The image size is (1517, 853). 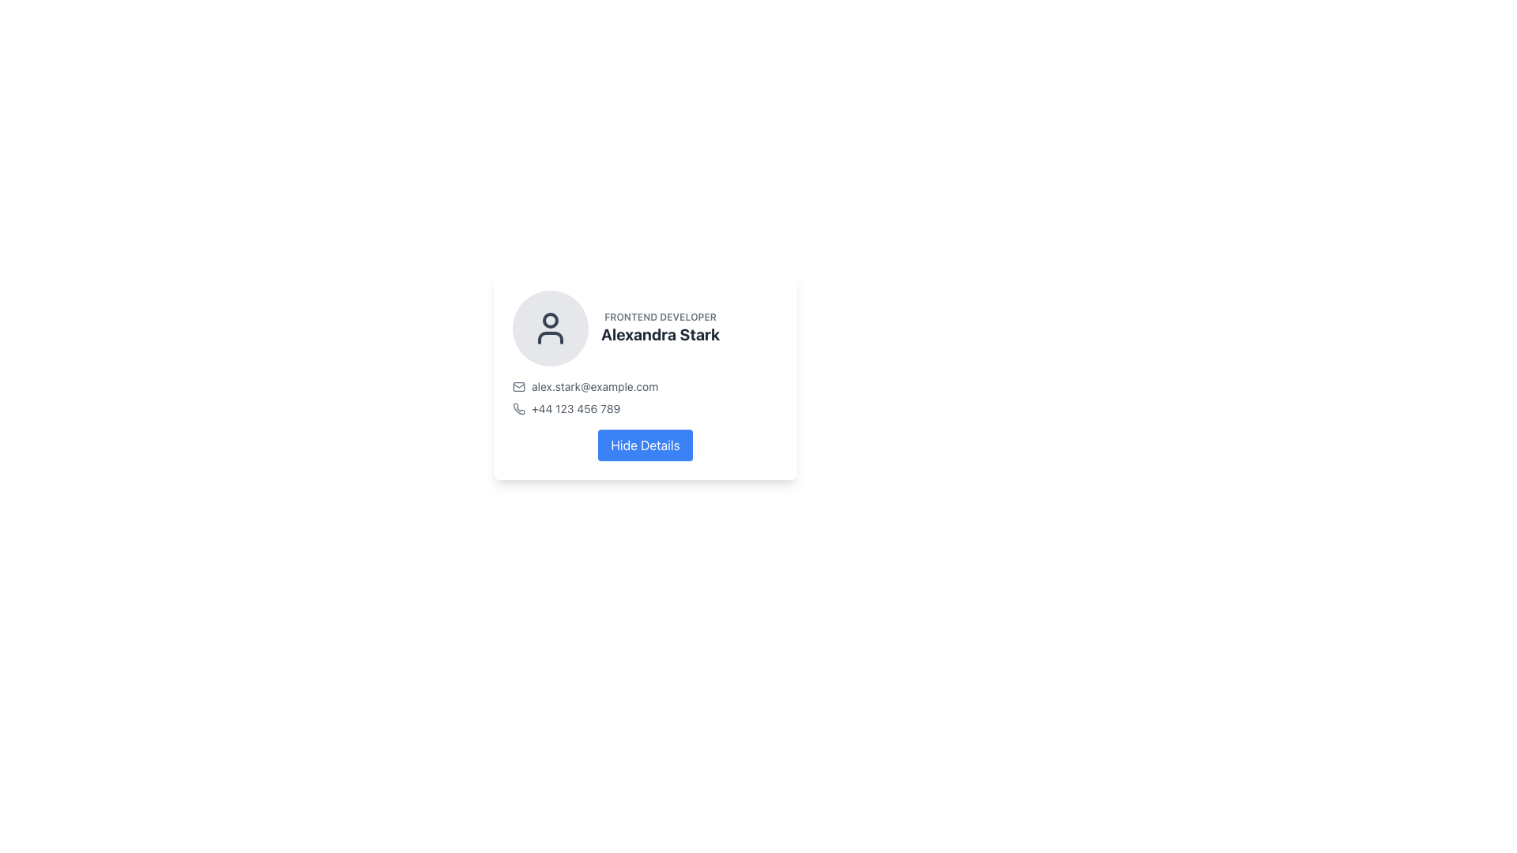 What do you see at coordinates (645, 328) in the screenshot?
I see `the textual content 'Alexandra Stark' in the Card header section located in the modal-like card structure` at bounding box center [645, 328].